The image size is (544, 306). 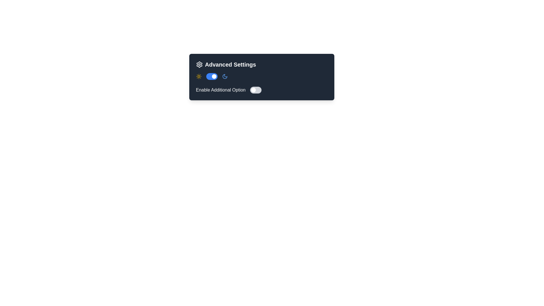 What do you see at coordinates (224, 76) in the screenshot?
I see `the blue circular moon icon that indicates the night mode toggle, located in the middle-right section of the interface` at bounding box center [224, 76].